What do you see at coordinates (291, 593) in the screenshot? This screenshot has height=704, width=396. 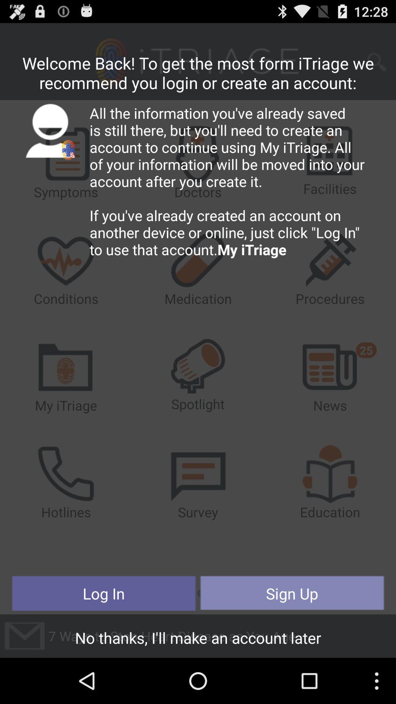 I see `the icon below the all the information` at bounding box center [291, 593].